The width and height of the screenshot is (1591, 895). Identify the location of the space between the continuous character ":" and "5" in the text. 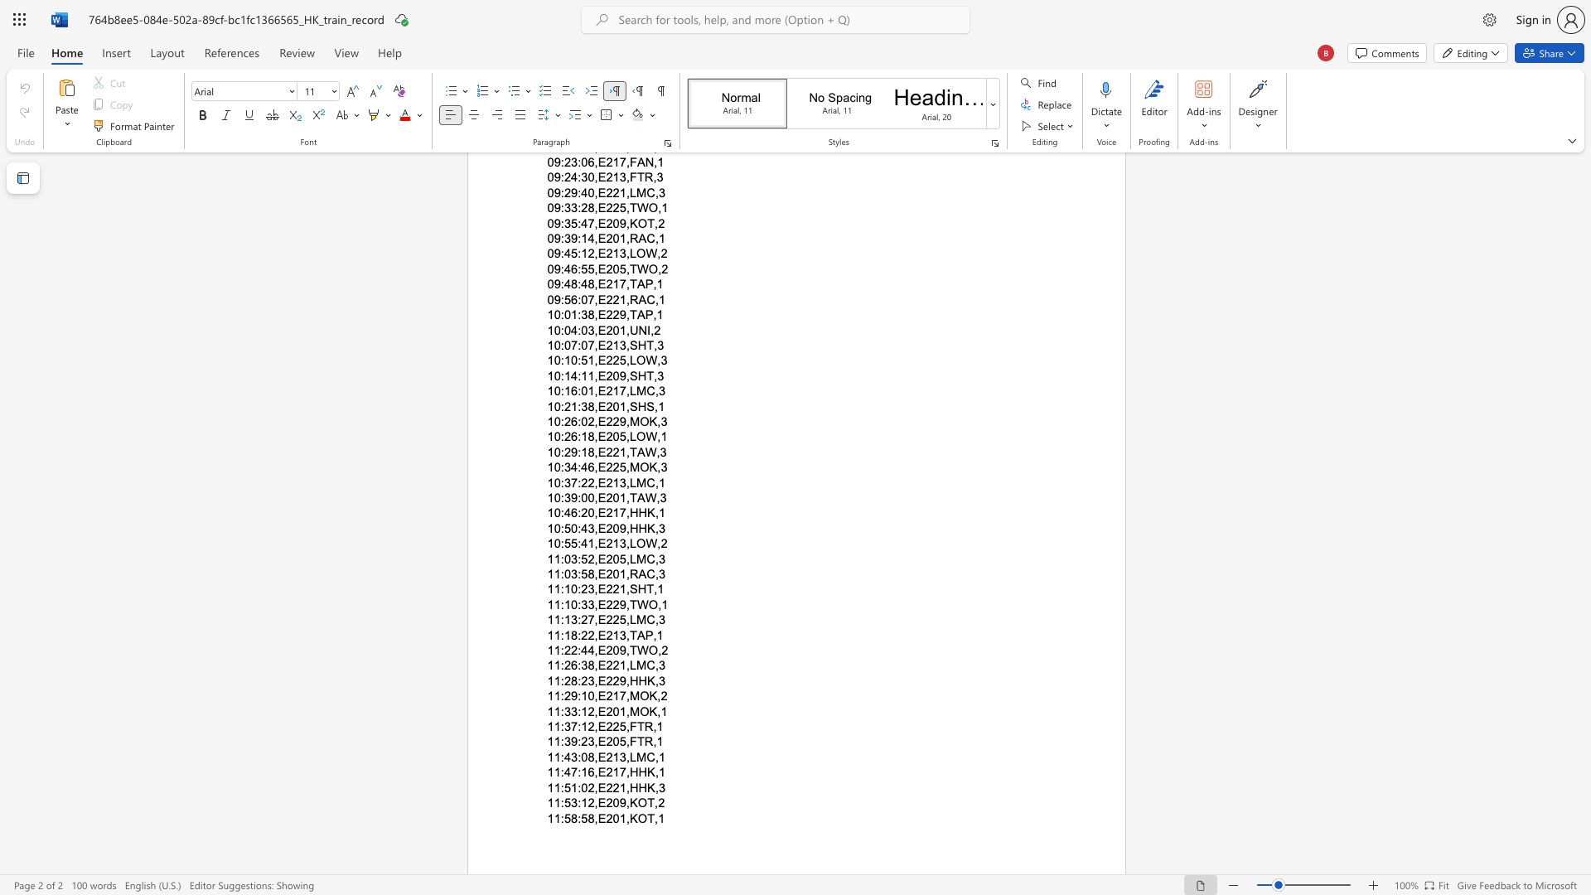
(582, 559).